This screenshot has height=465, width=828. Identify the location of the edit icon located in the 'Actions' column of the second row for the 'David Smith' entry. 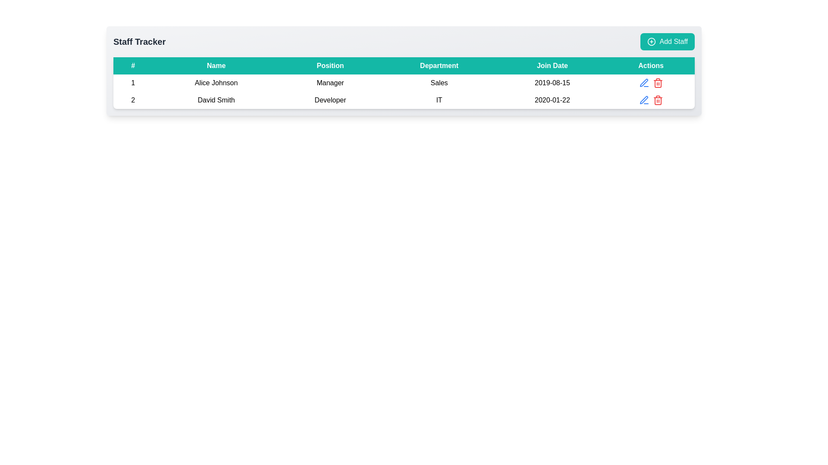
(644, 83).